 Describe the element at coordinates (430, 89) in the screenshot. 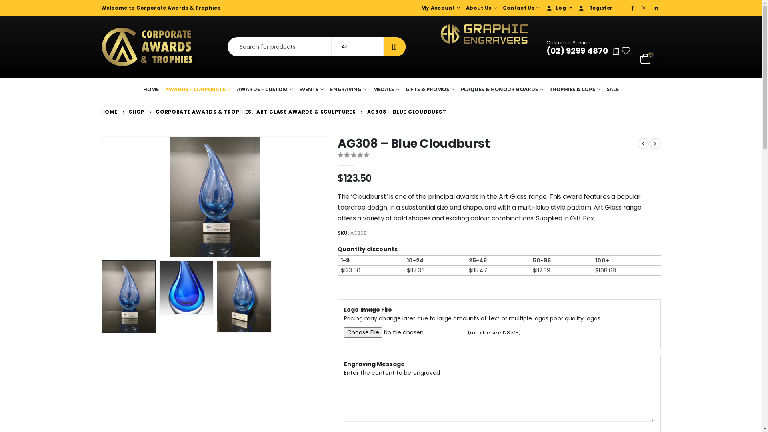

I see `'GIFTS & PROMOS'` at that location.